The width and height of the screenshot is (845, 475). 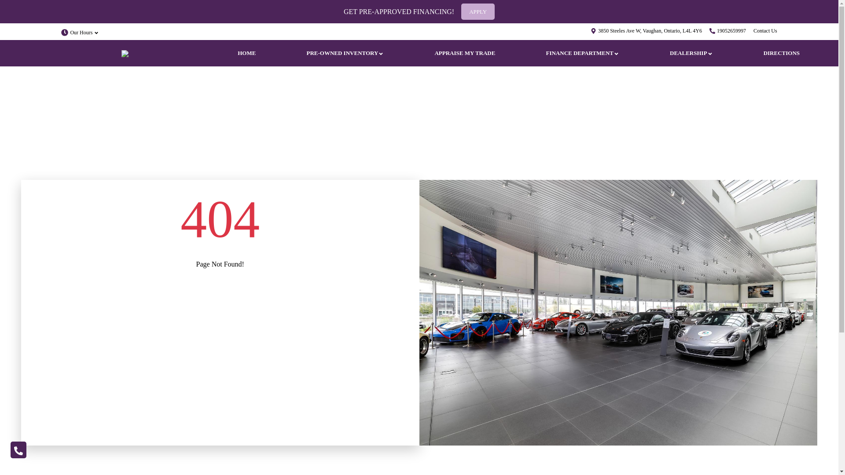 I want to click on 'DIRECTIONS', so click(x=782, y=53).